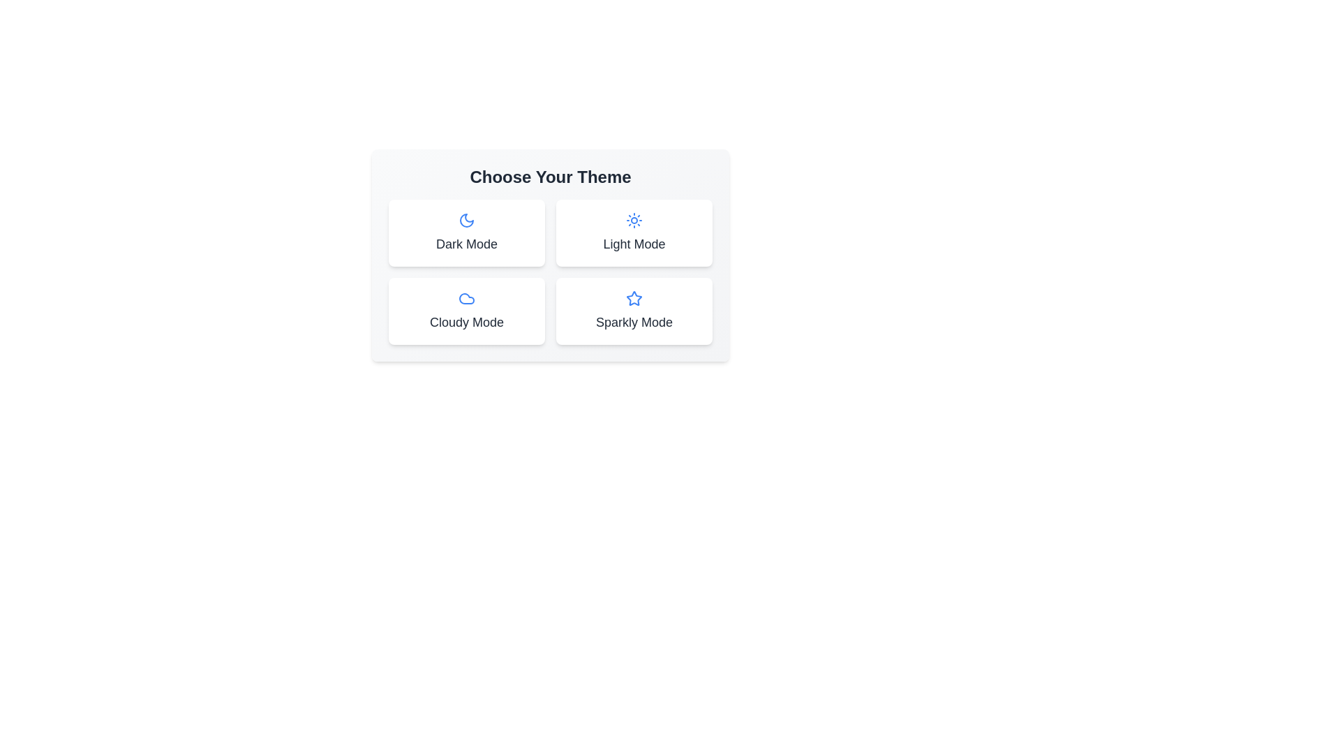 The height and width of the screenshot is (754, 1340). Describe the element at coordinates (466, 220) in the screenshot. I see `the 'Dark Mode' icon located at the top of the theme selection grid` at that location.